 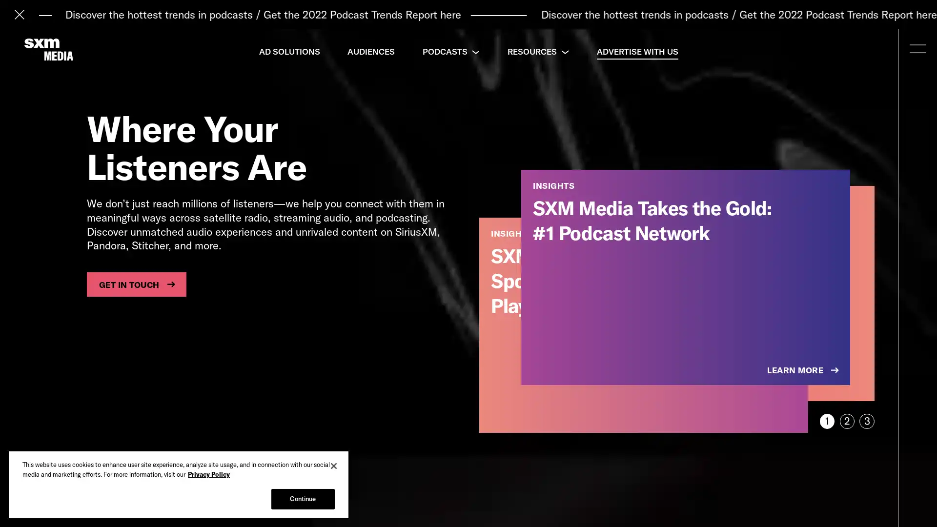 I want to click on Close, so click(x=334, y=466).